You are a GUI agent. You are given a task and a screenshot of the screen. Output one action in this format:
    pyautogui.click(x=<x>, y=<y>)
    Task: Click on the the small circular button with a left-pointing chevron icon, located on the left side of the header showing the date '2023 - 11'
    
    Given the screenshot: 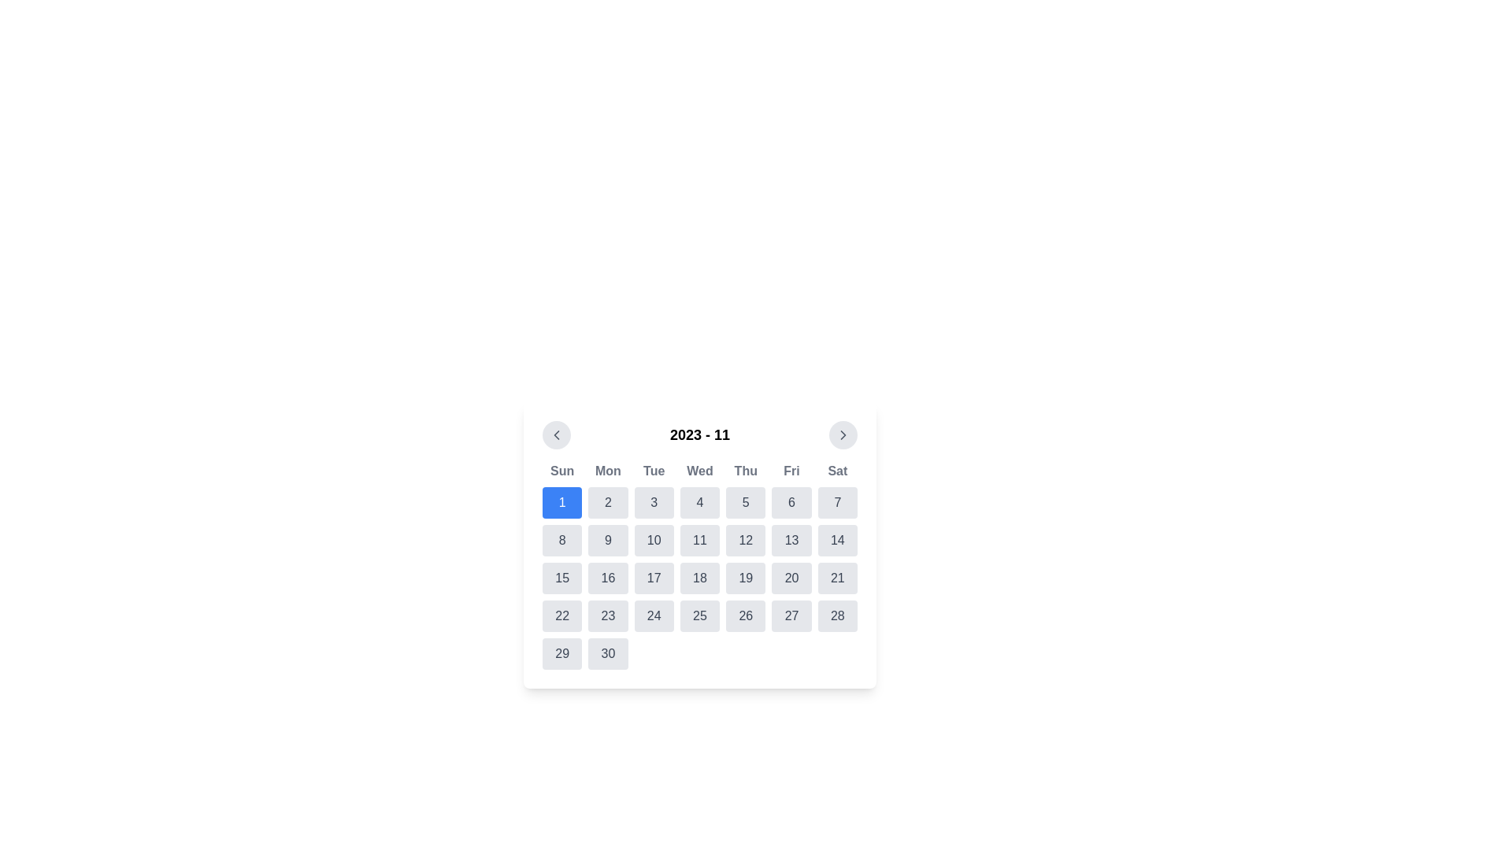 What is the action you would take?
    pyautogui.click(x=556, y=434)
    